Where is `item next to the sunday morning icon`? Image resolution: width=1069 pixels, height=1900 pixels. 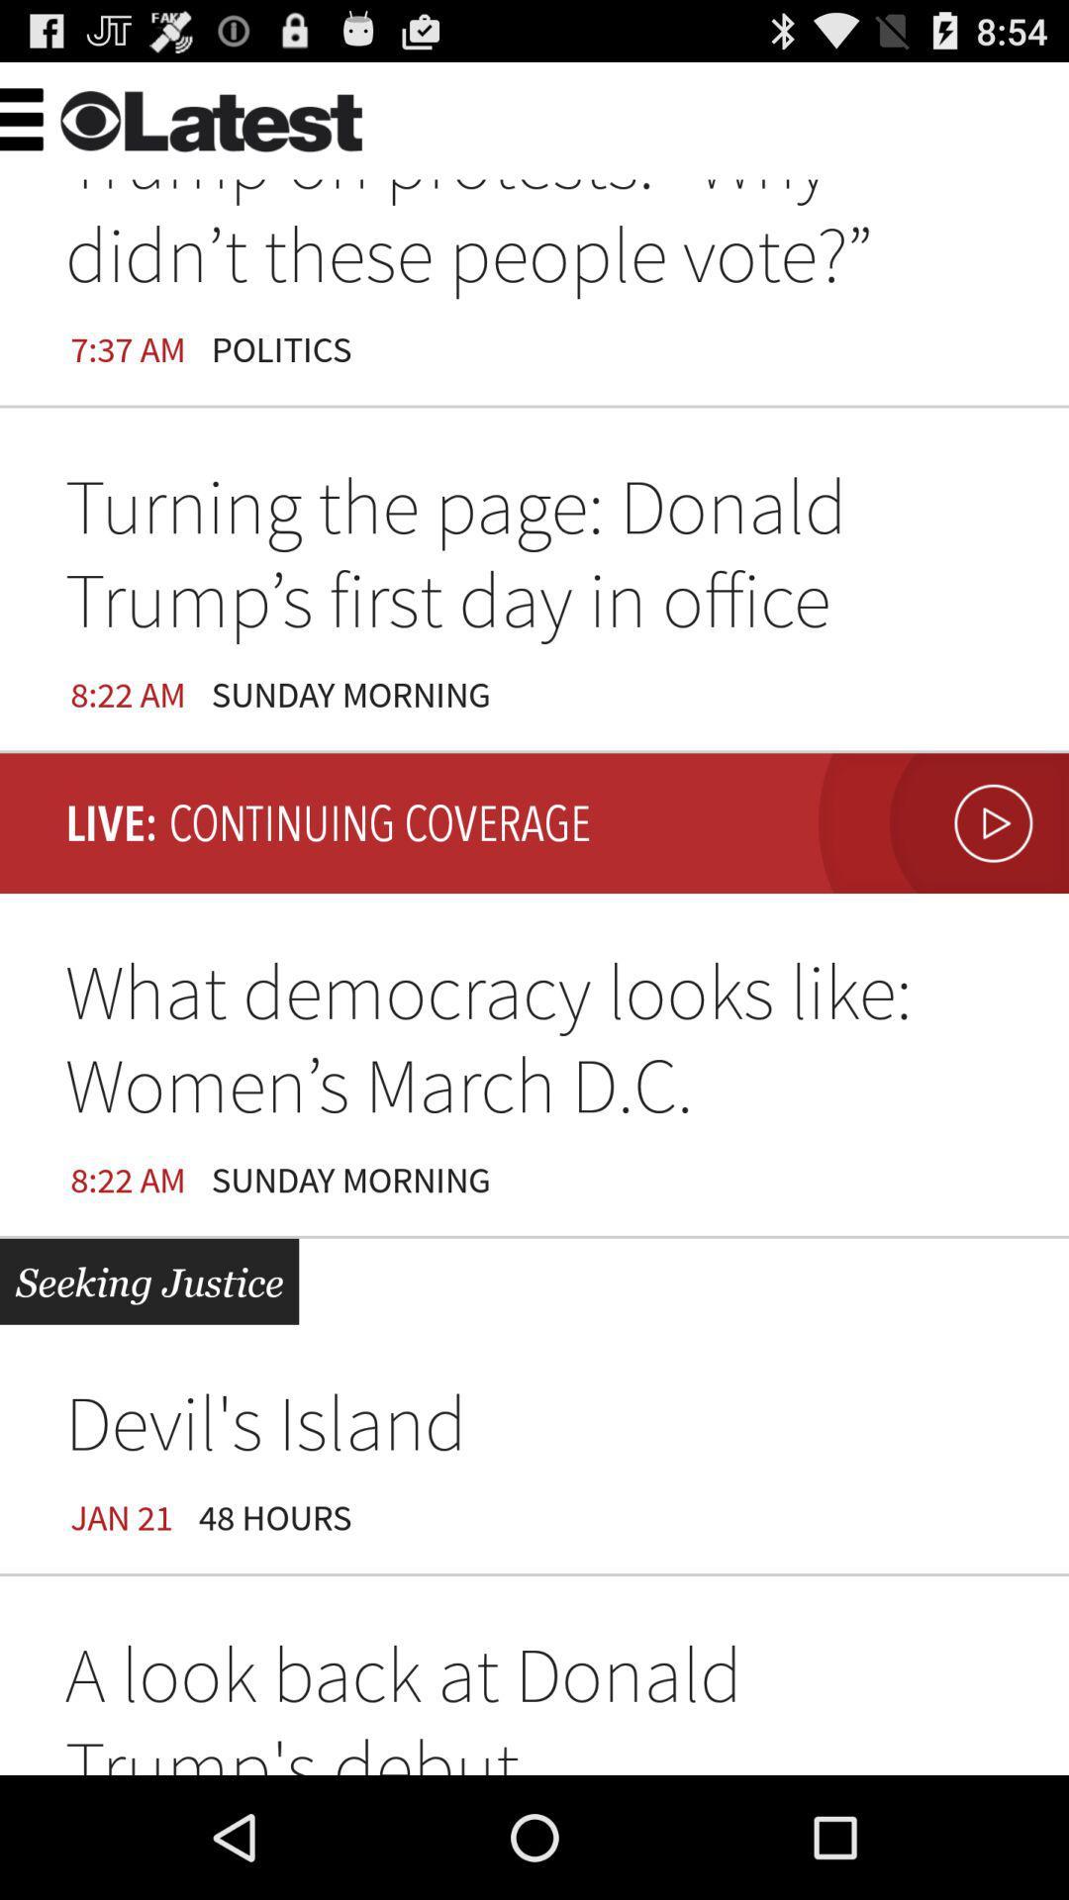
item next to the sunday morning icon is located at coordinates (937, 823).